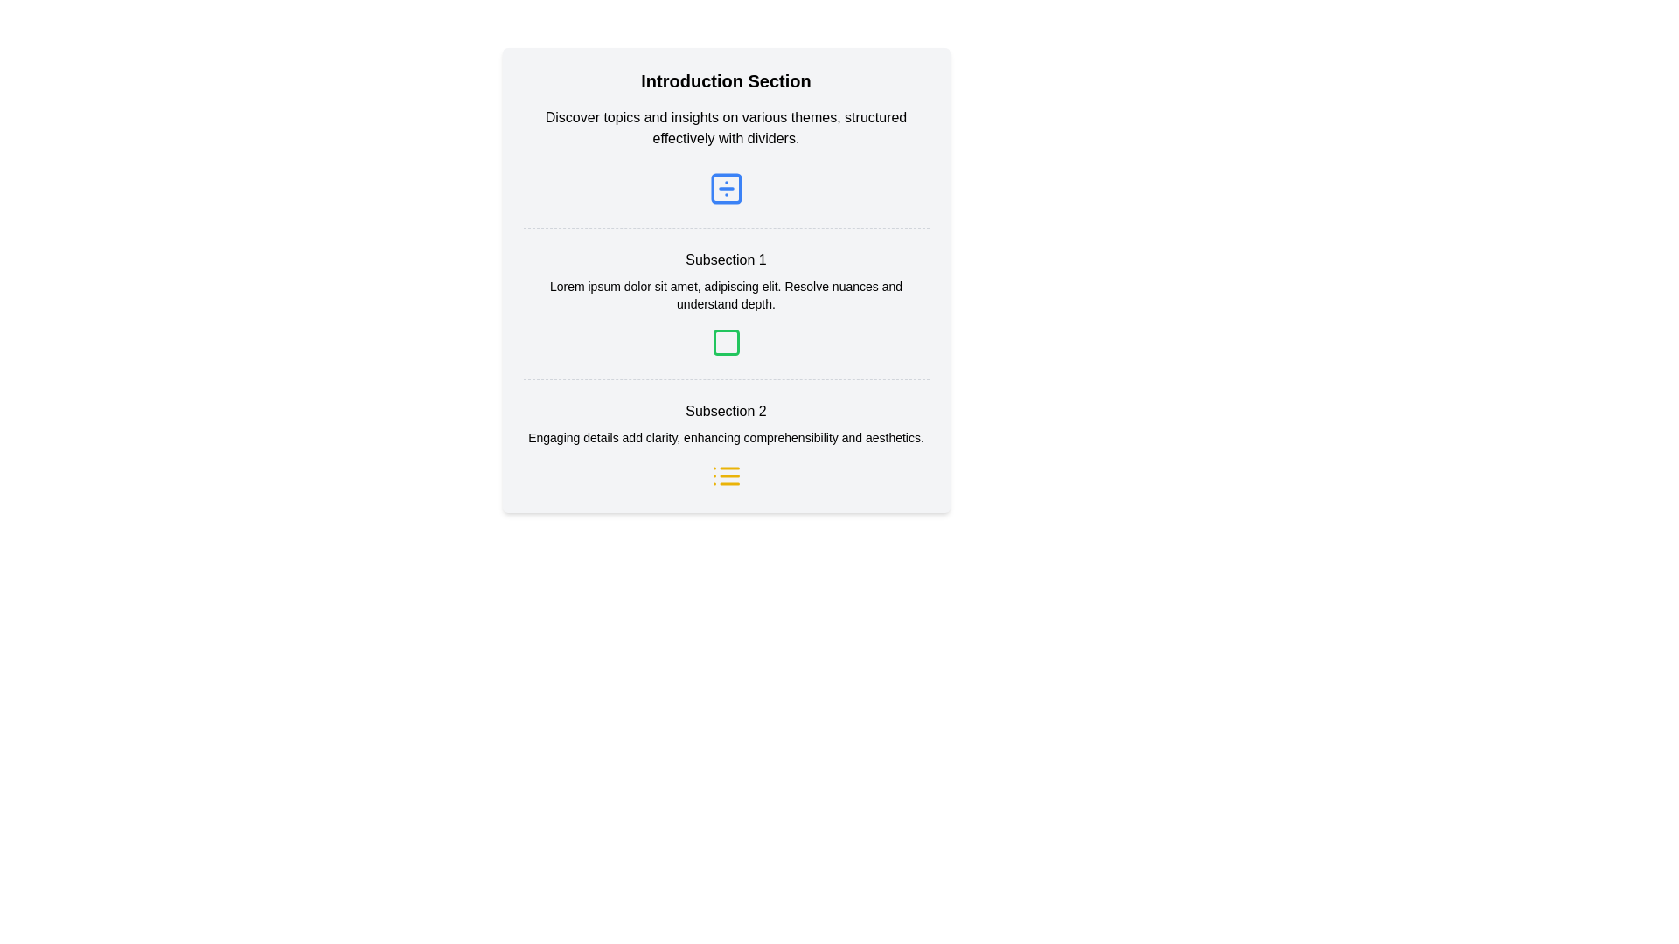 This screenshot has height=944, width=1679. I want to click on the text block that contains the content 'Engaging details add clarity, enhancing comprehensibility and aesthetics.' This text block is styled as smaller, secondary text and is centrally aligned within 'Subsection 2', so click(726, 437).